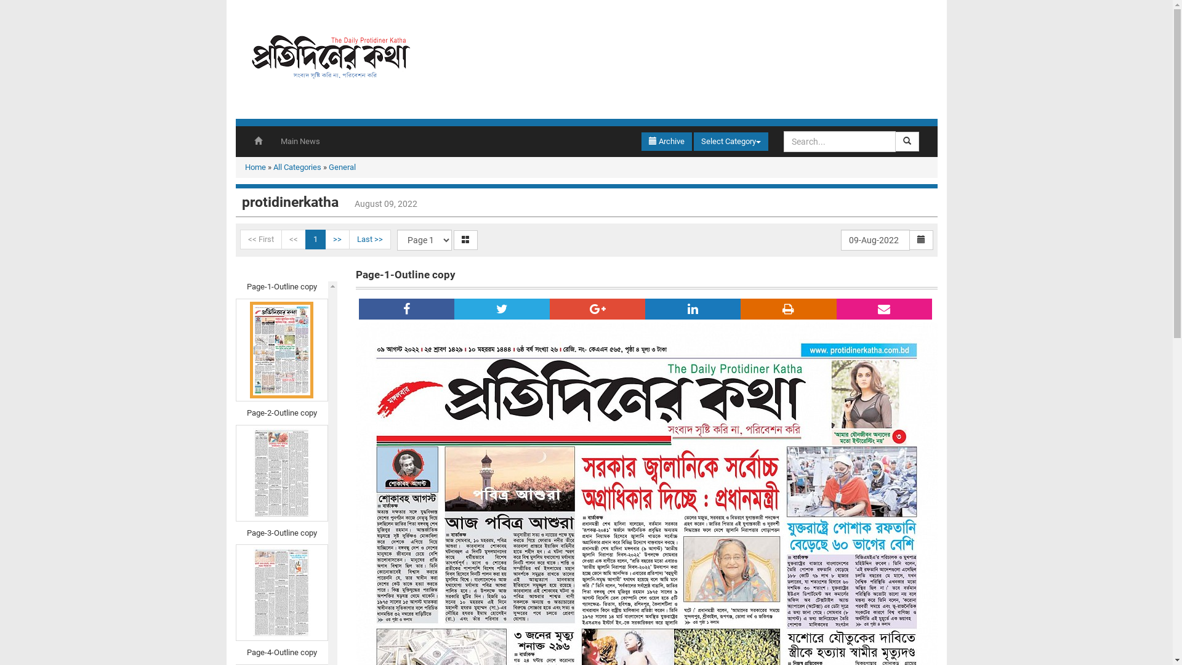 The height and width of the screenshot is (665, 1182). I want to click on 'Archive', so click(666, 141).